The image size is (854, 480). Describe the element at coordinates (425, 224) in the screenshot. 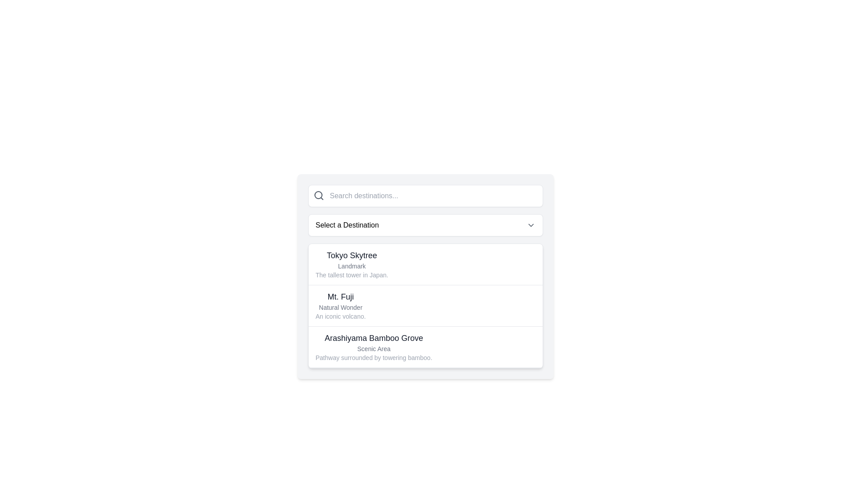

I see `the dropdown menu button labeled 'Select a Destination', which is styled as a white rectangular button with rounded corners` at that location.